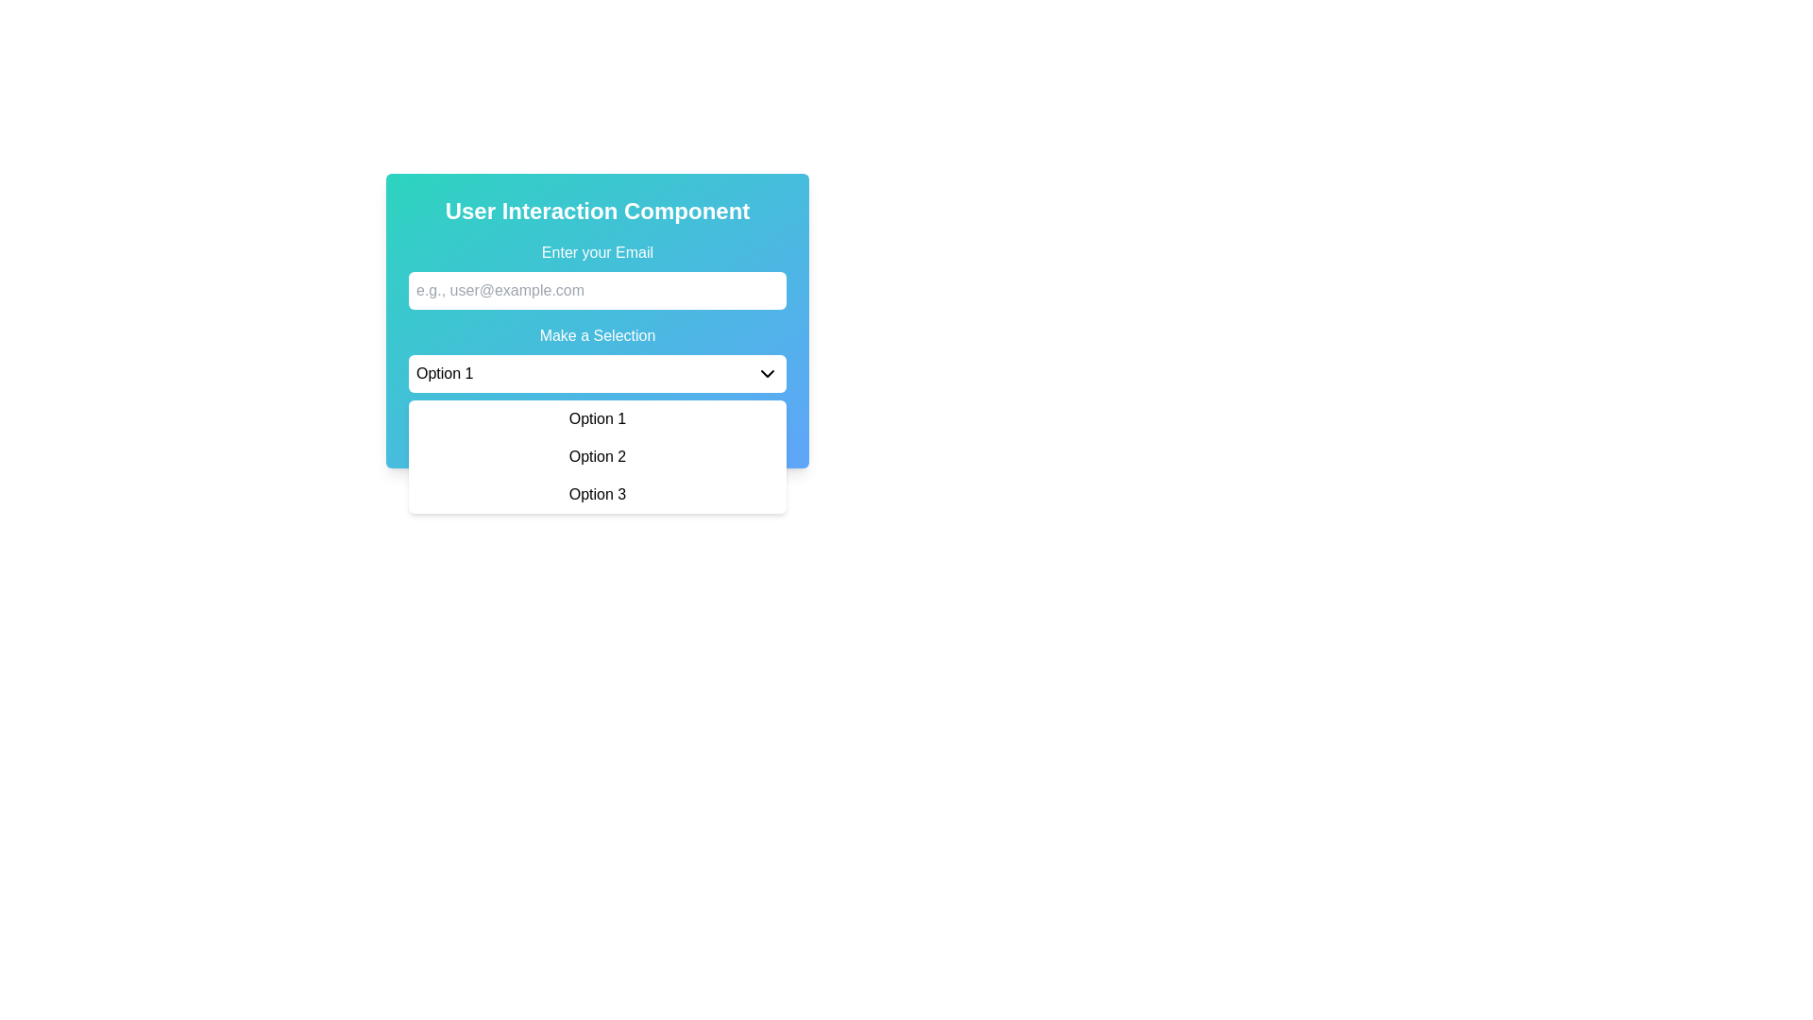  What do you see at coordinates (597, 359) in the screenshot?
I see `the dropdown menu located in the 'User Interaction Component' modal` at bounding box center [597, 359].